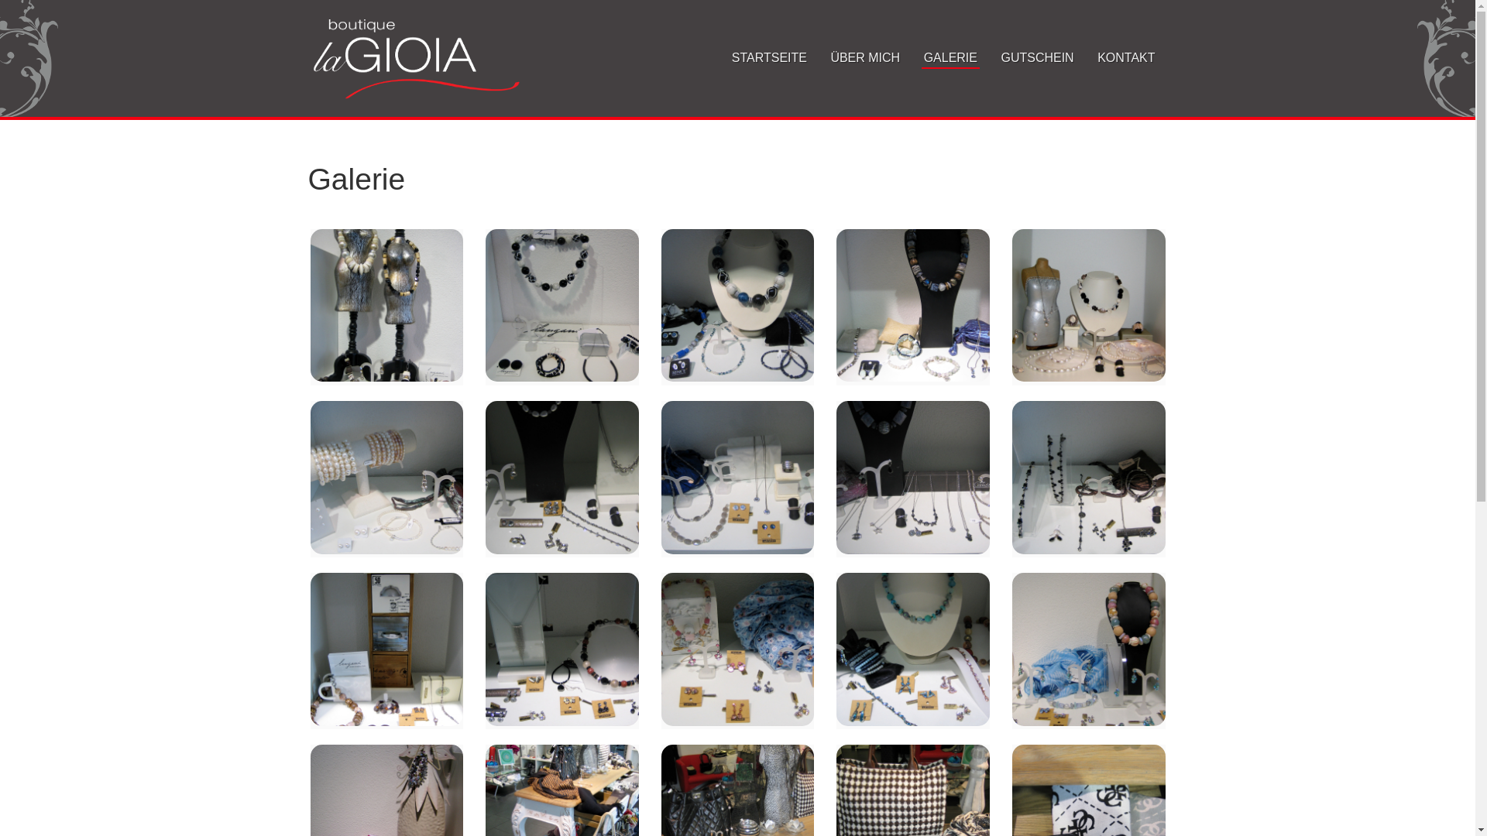  I want to click on 'STARTSEITE', so click(769, 57).